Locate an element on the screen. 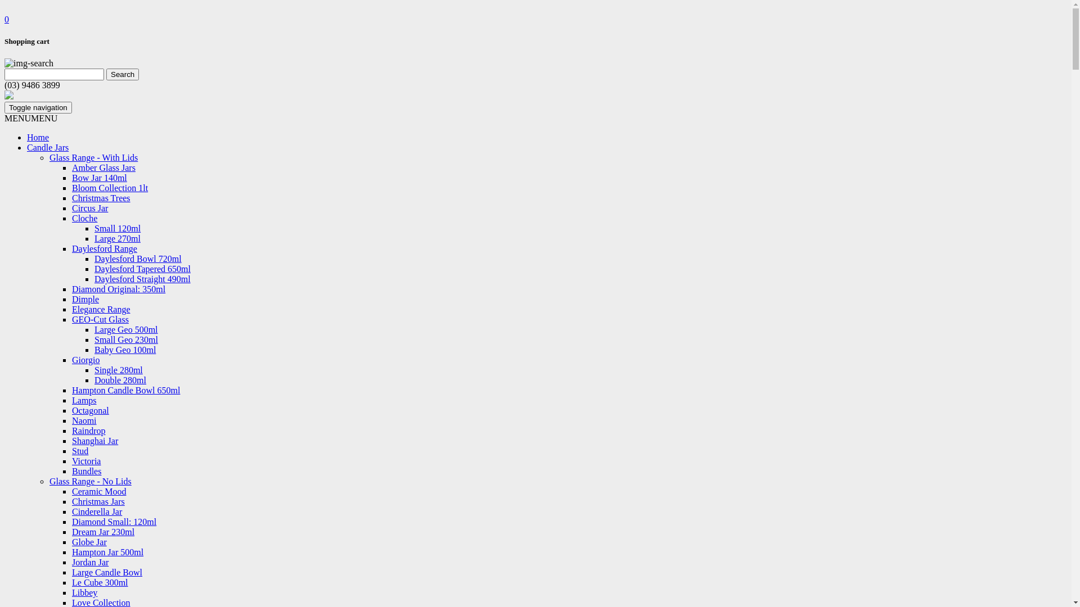 The height and width of the screenshot is (607, 1080). 'Daylesford Tapered 650ml' is located at coordinates (142, 269).